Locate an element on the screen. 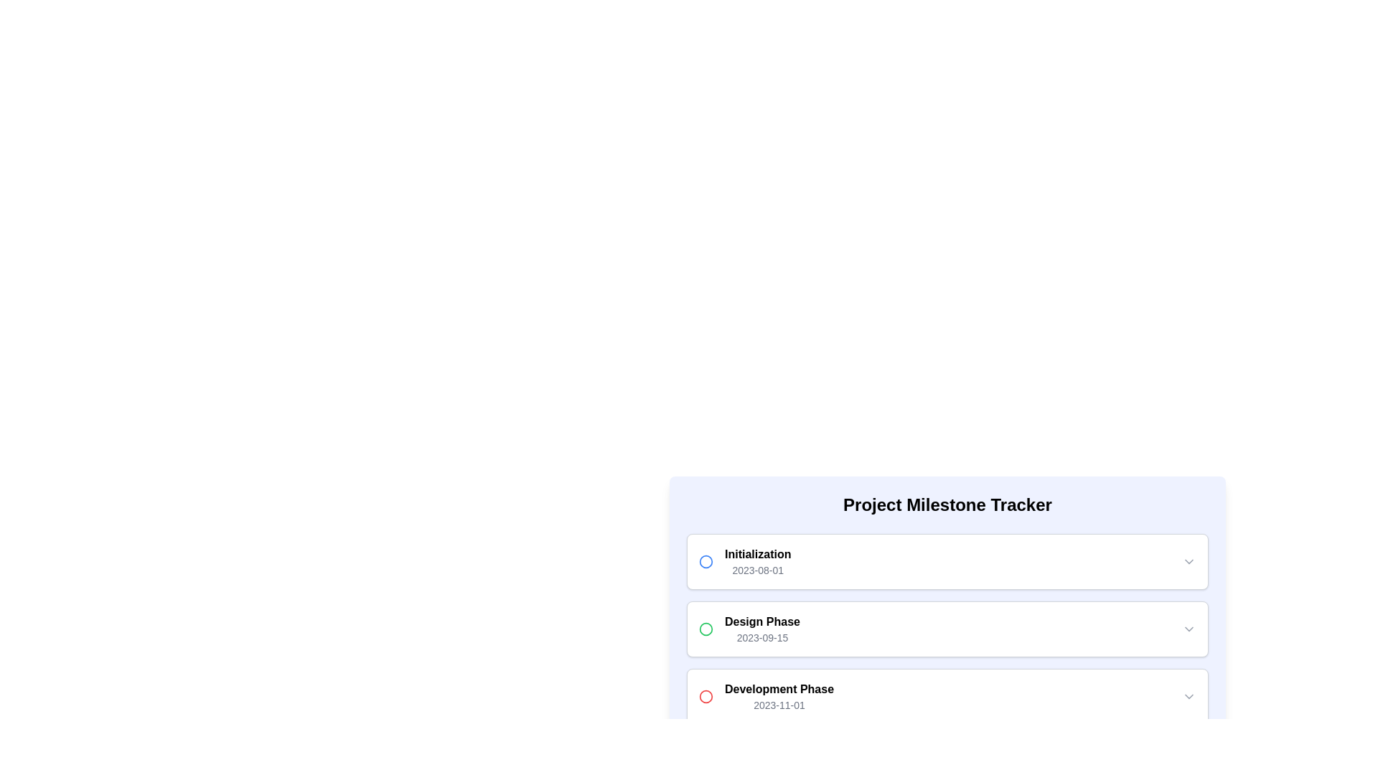 This screenshot has height=775, width=1378. the 'Initialization' phase card in the 'Project Milestone Tracker' list is located at coordinates (947, 561).